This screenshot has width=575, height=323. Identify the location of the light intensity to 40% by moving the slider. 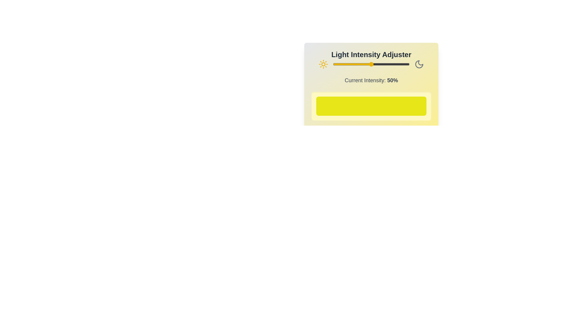
(363, 64).